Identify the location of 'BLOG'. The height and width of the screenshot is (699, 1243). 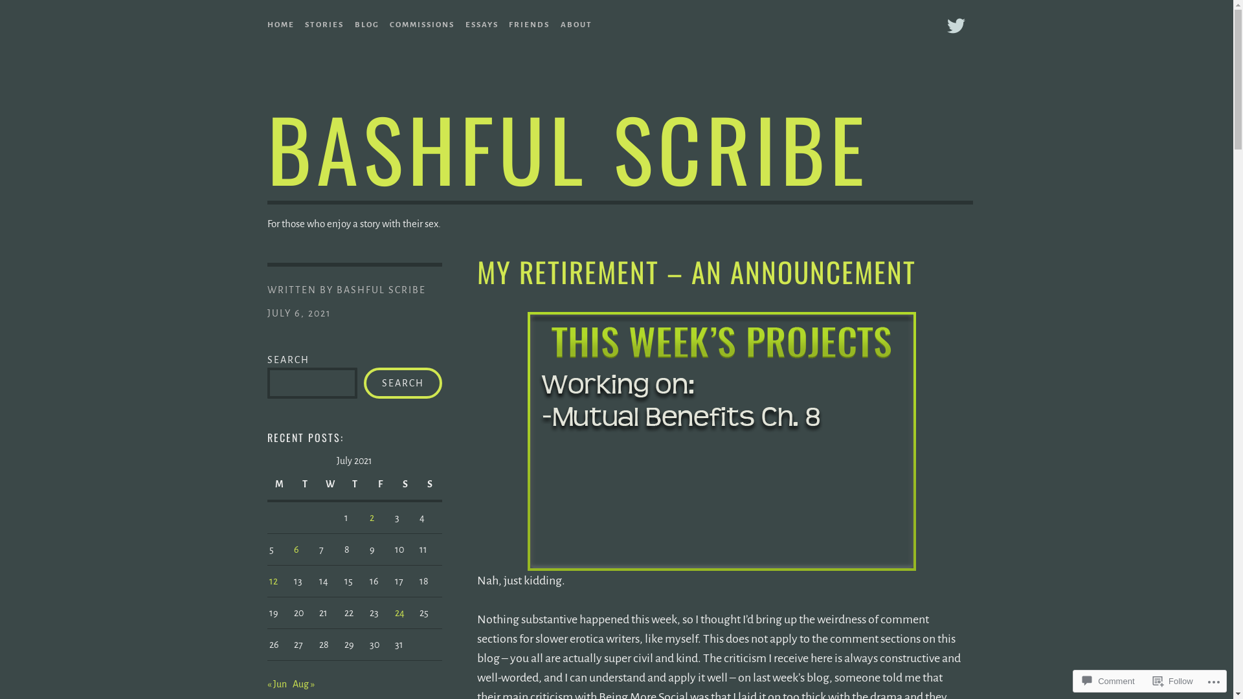
(366, 22).